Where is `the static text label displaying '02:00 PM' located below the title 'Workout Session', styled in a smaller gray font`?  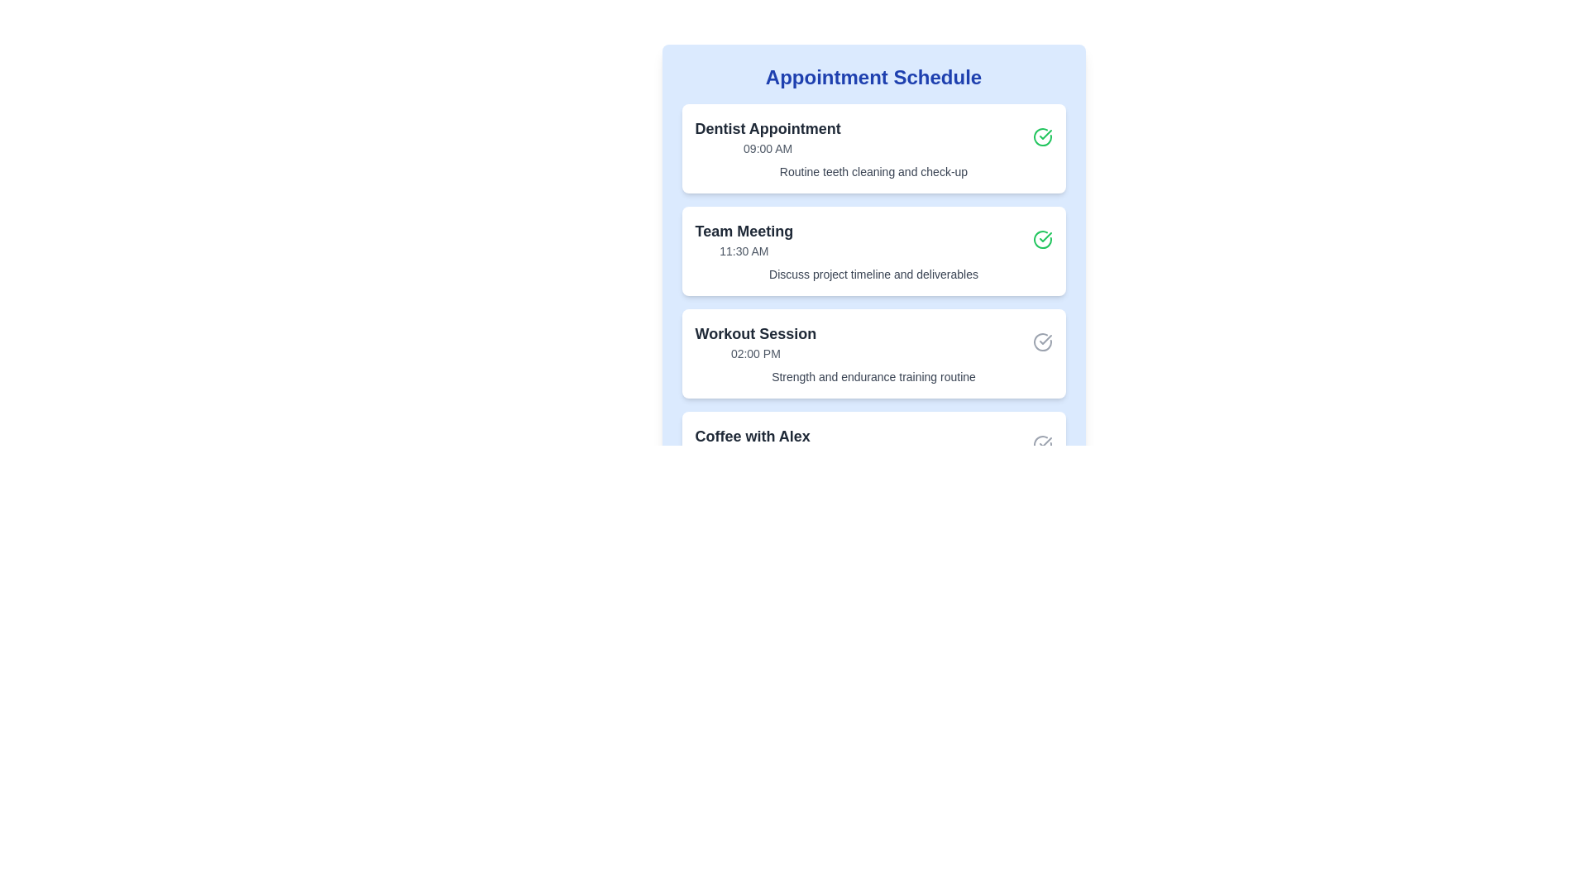
the static text label displaying '02:00 PM' located below the title 'Workout Session', styled in a smaller gray font is located at coordinates (754, 353).